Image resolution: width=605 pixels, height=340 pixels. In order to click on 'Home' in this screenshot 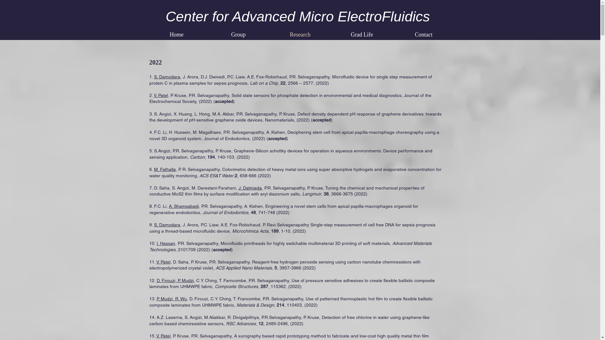, I will do `click(176, 35)`.